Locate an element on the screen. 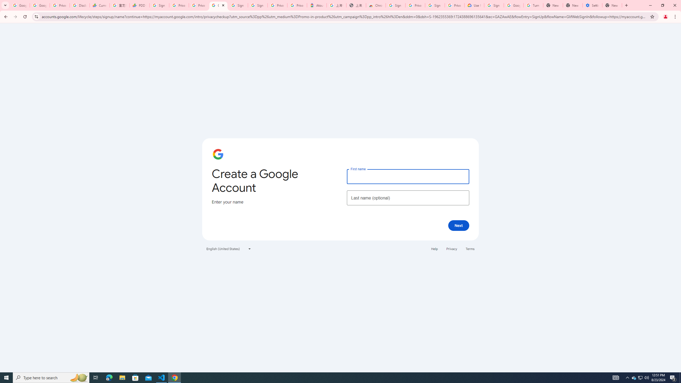 Image resolution: width=681 pixels, height=383 pixels. 'Sign in - Google Accounts' is located at coordinates (238, 5).